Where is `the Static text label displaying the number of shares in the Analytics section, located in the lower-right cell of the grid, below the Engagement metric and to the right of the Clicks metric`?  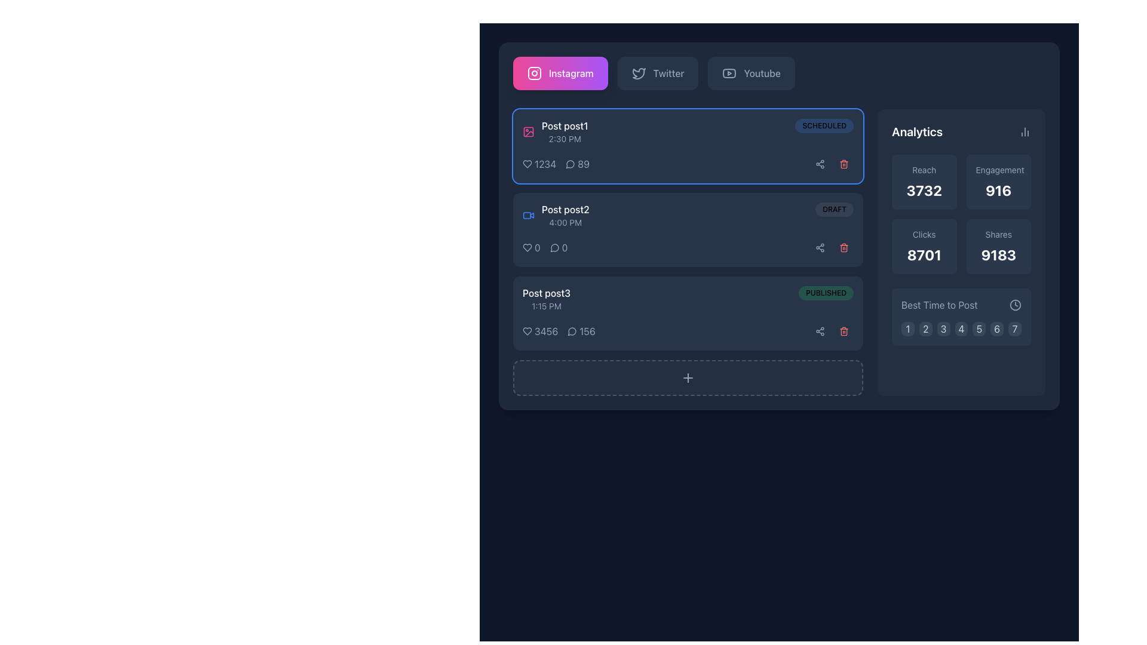
the Static text label displaying the number of shares in the Analytics section, located in the lower-right cell of the grid, below the Engagement metric and to the right of the Clicks metric is located at coordinates (998, 254).